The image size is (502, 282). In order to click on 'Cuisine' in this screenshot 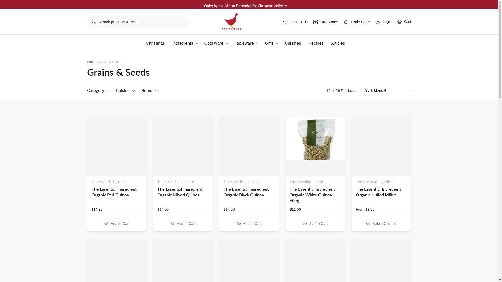, I will do `click(125, 90)`.